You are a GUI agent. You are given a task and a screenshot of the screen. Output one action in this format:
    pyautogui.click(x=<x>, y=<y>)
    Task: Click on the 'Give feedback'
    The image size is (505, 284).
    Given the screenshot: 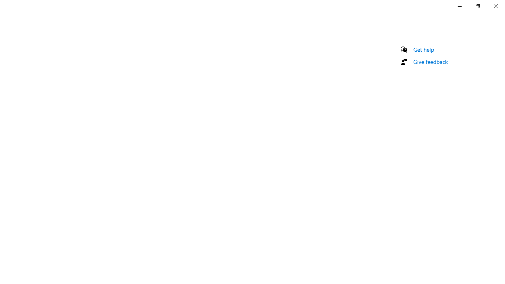 What is the action you would take?
    pyautogui.click(x=430, y=61)
    